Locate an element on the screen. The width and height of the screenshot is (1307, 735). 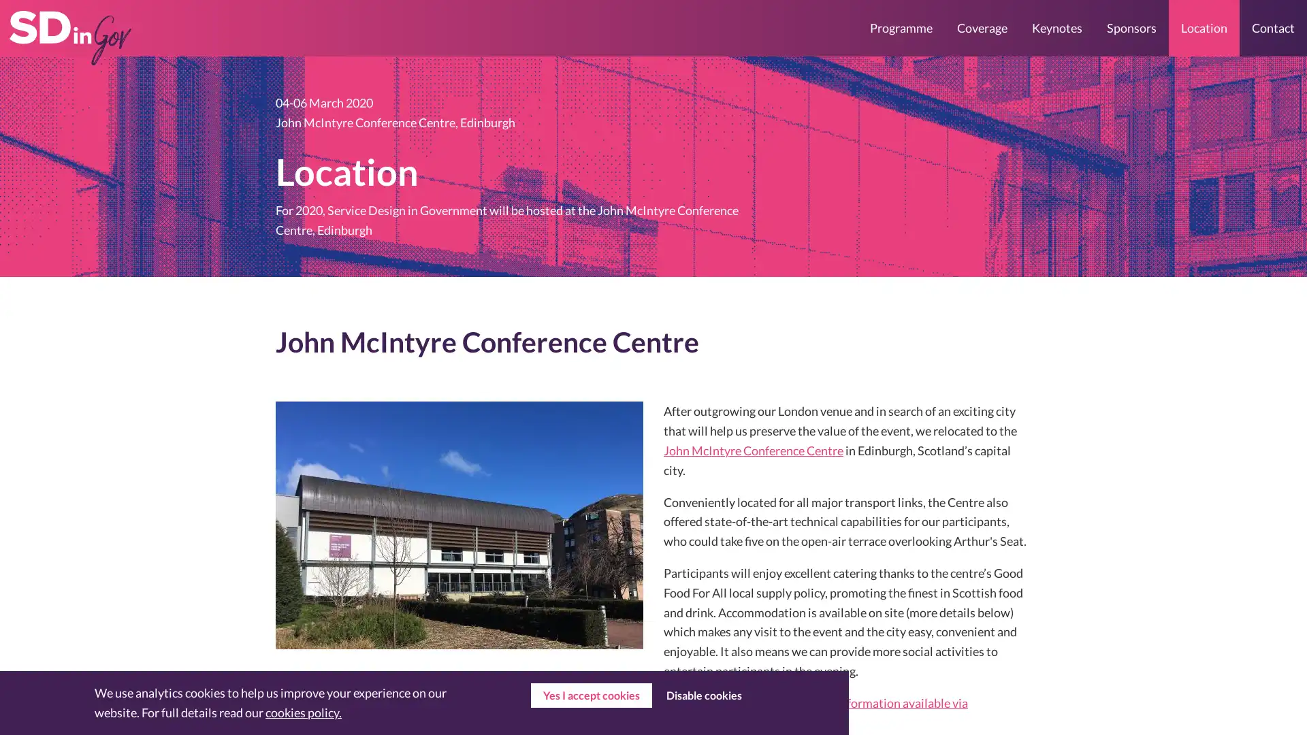
Disable cookies is located at coordinates (703, 696).